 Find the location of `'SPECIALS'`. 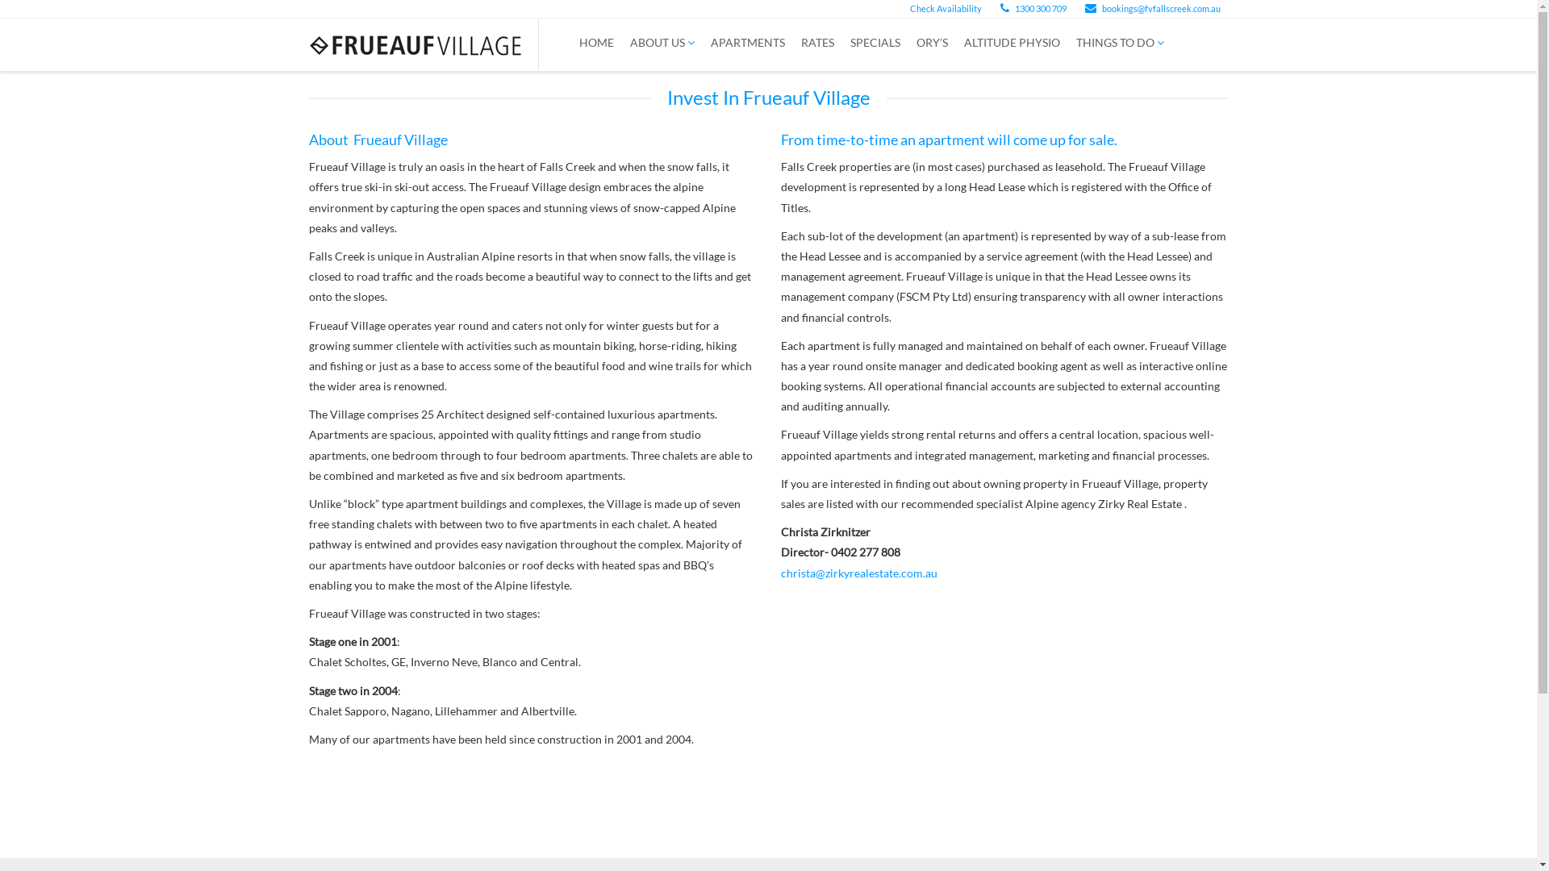

'SPECIALS' is located at coordinates (874, 42).